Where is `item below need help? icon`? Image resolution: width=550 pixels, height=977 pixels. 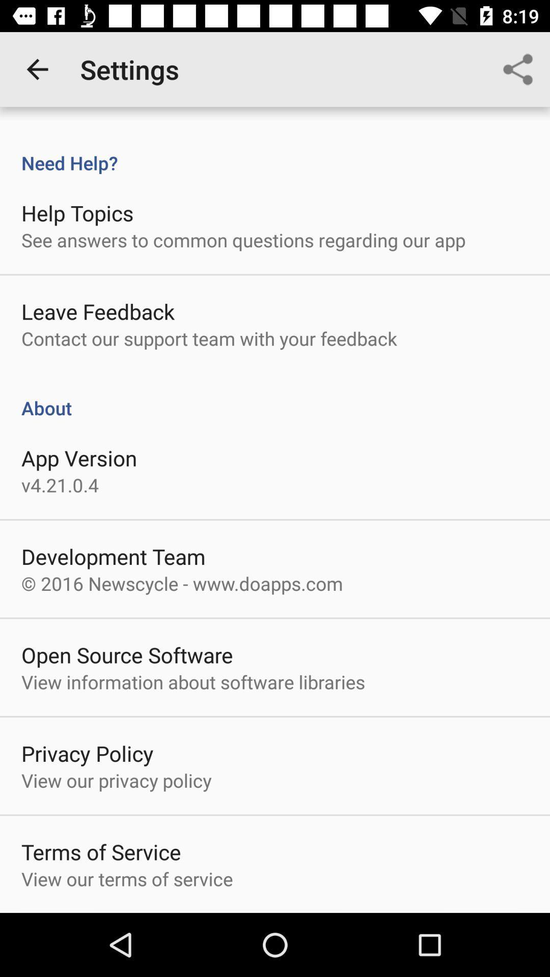
item below need help? icon is located at coordinates (77, 212).